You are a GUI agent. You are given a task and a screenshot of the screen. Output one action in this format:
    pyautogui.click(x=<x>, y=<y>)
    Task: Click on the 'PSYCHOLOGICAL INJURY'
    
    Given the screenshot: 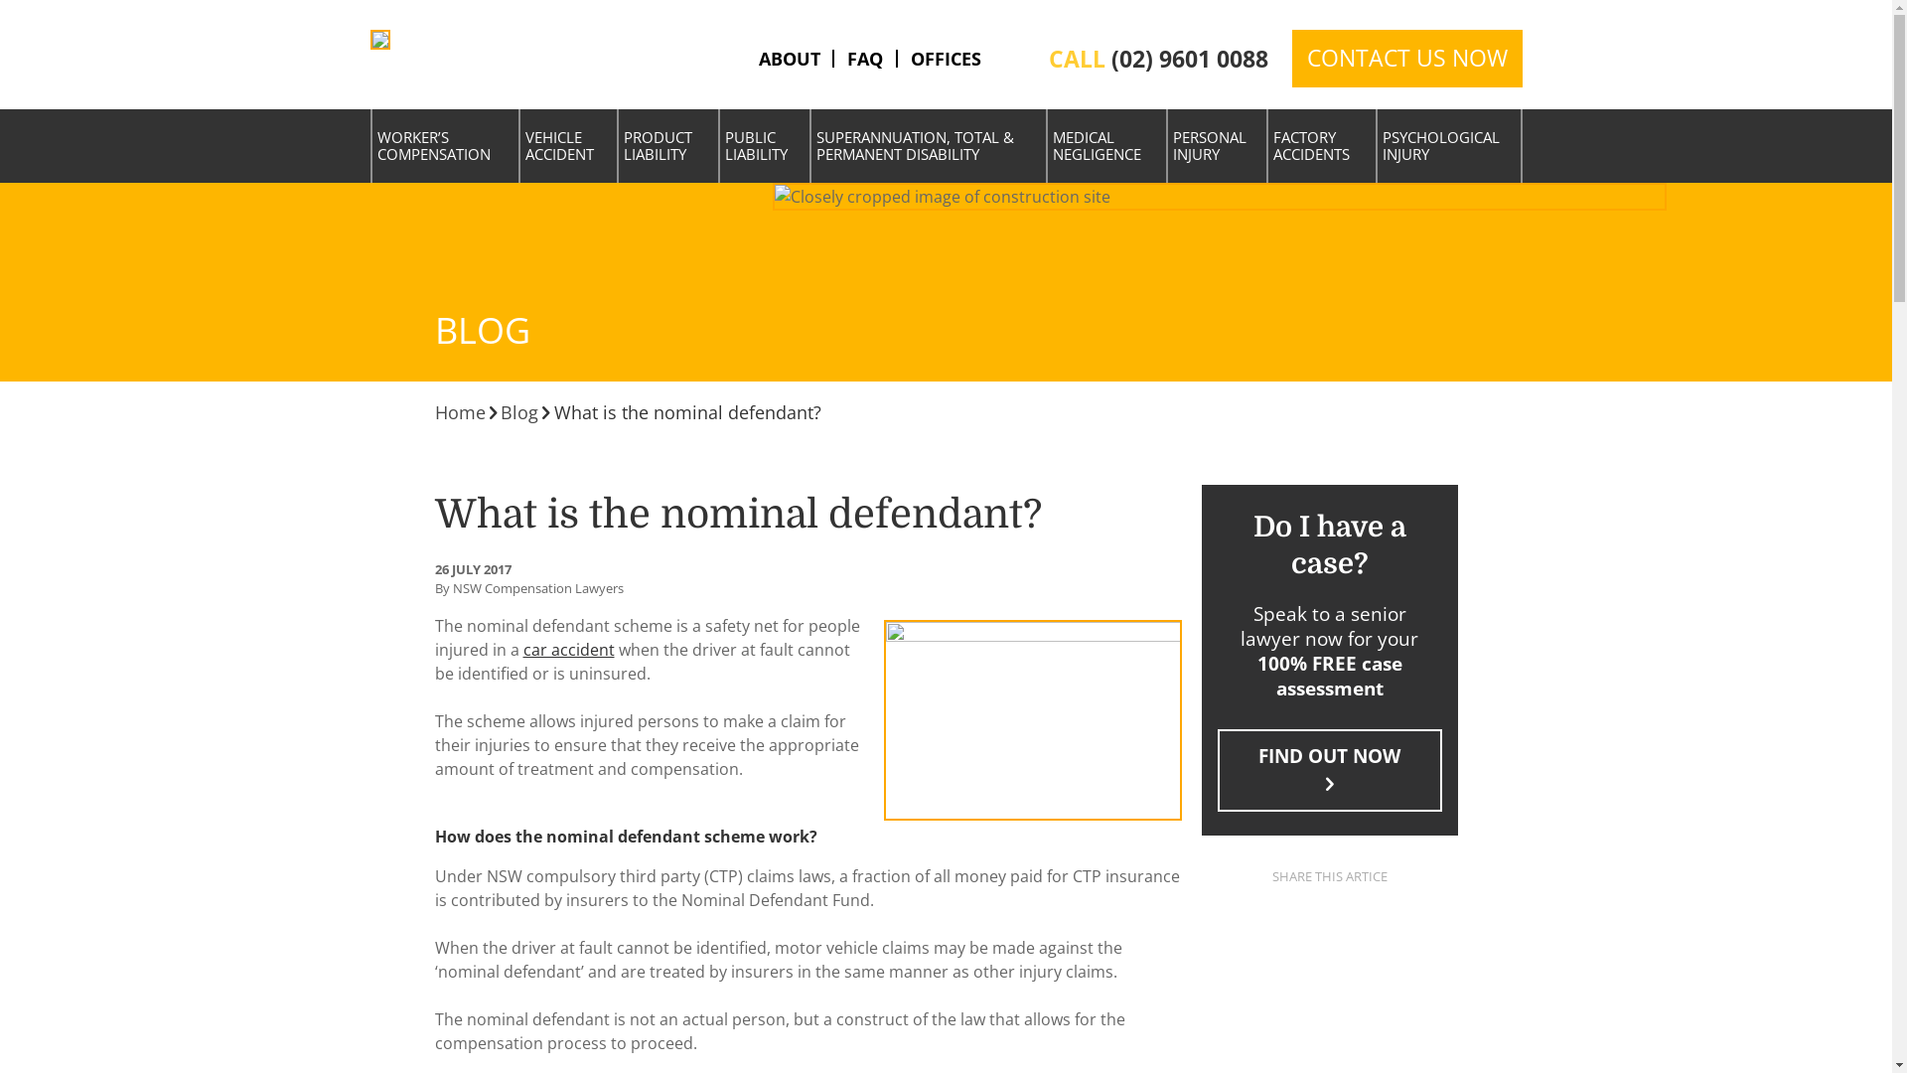 What is the action you would take?
    pyautogui.click(x=1377, y=145)
    